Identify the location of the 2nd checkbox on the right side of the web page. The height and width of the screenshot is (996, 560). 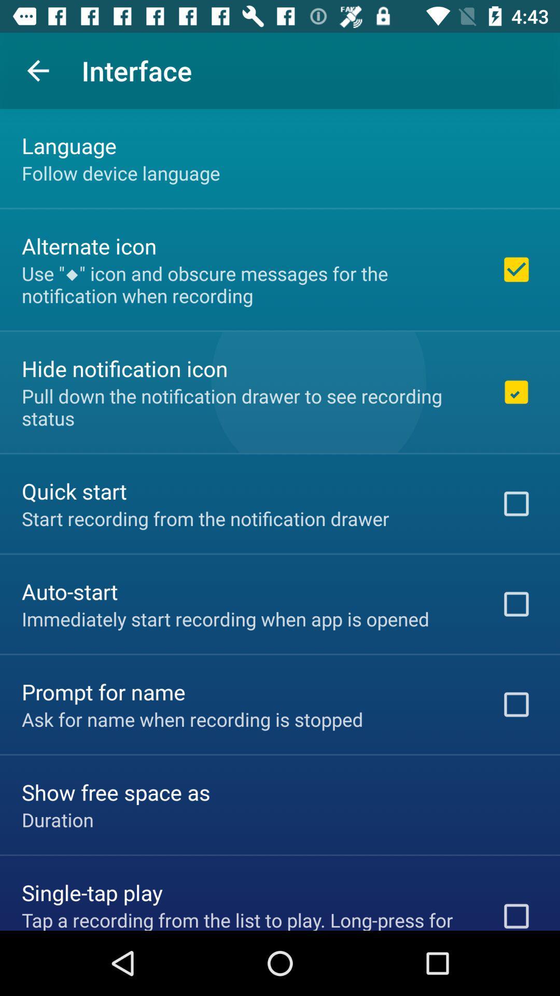
(516, 391).